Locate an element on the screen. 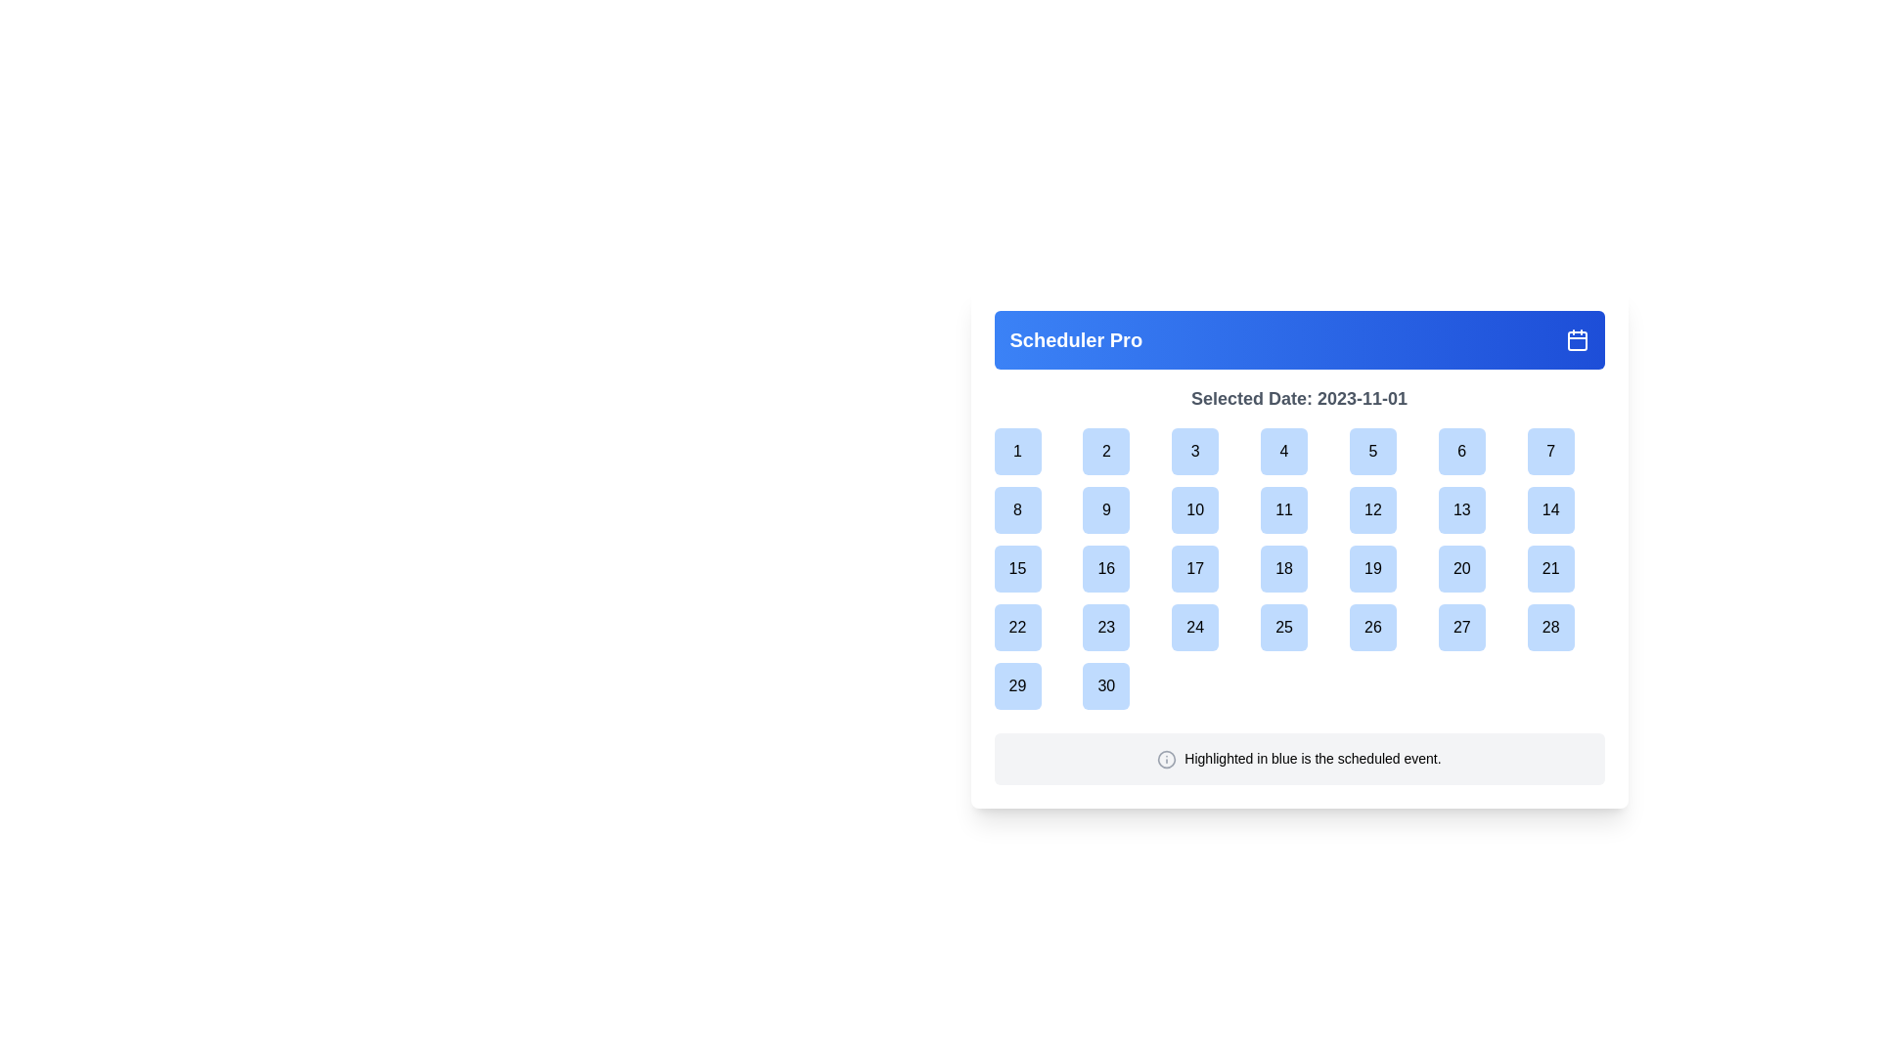  the blue interactive calendar day box displaying the number '18' is located at coordinates (1299, 569).